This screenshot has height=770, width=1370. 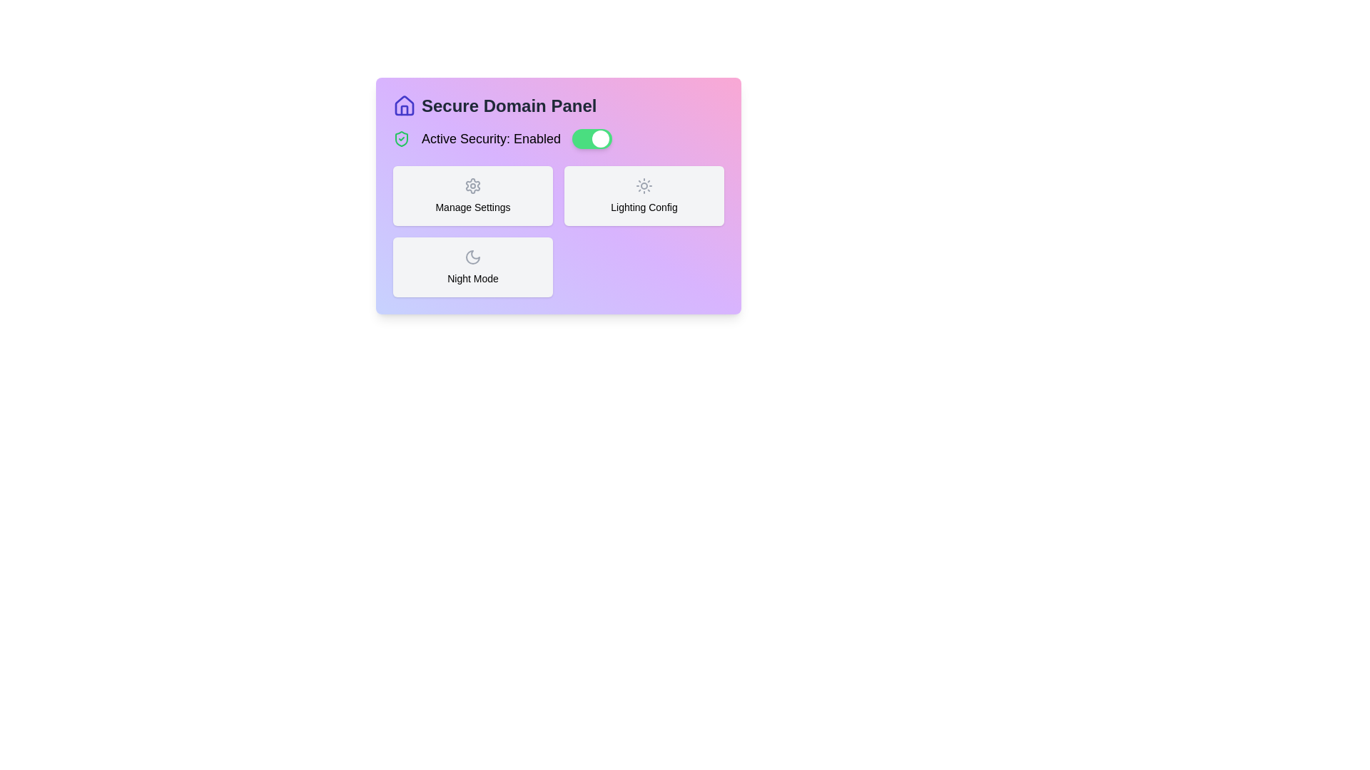 I want to click on the small circular crescent moon icon styled in gray, located within the 'Night Mode' section at the lower left corner of the interface, so click(x=472, y=257).